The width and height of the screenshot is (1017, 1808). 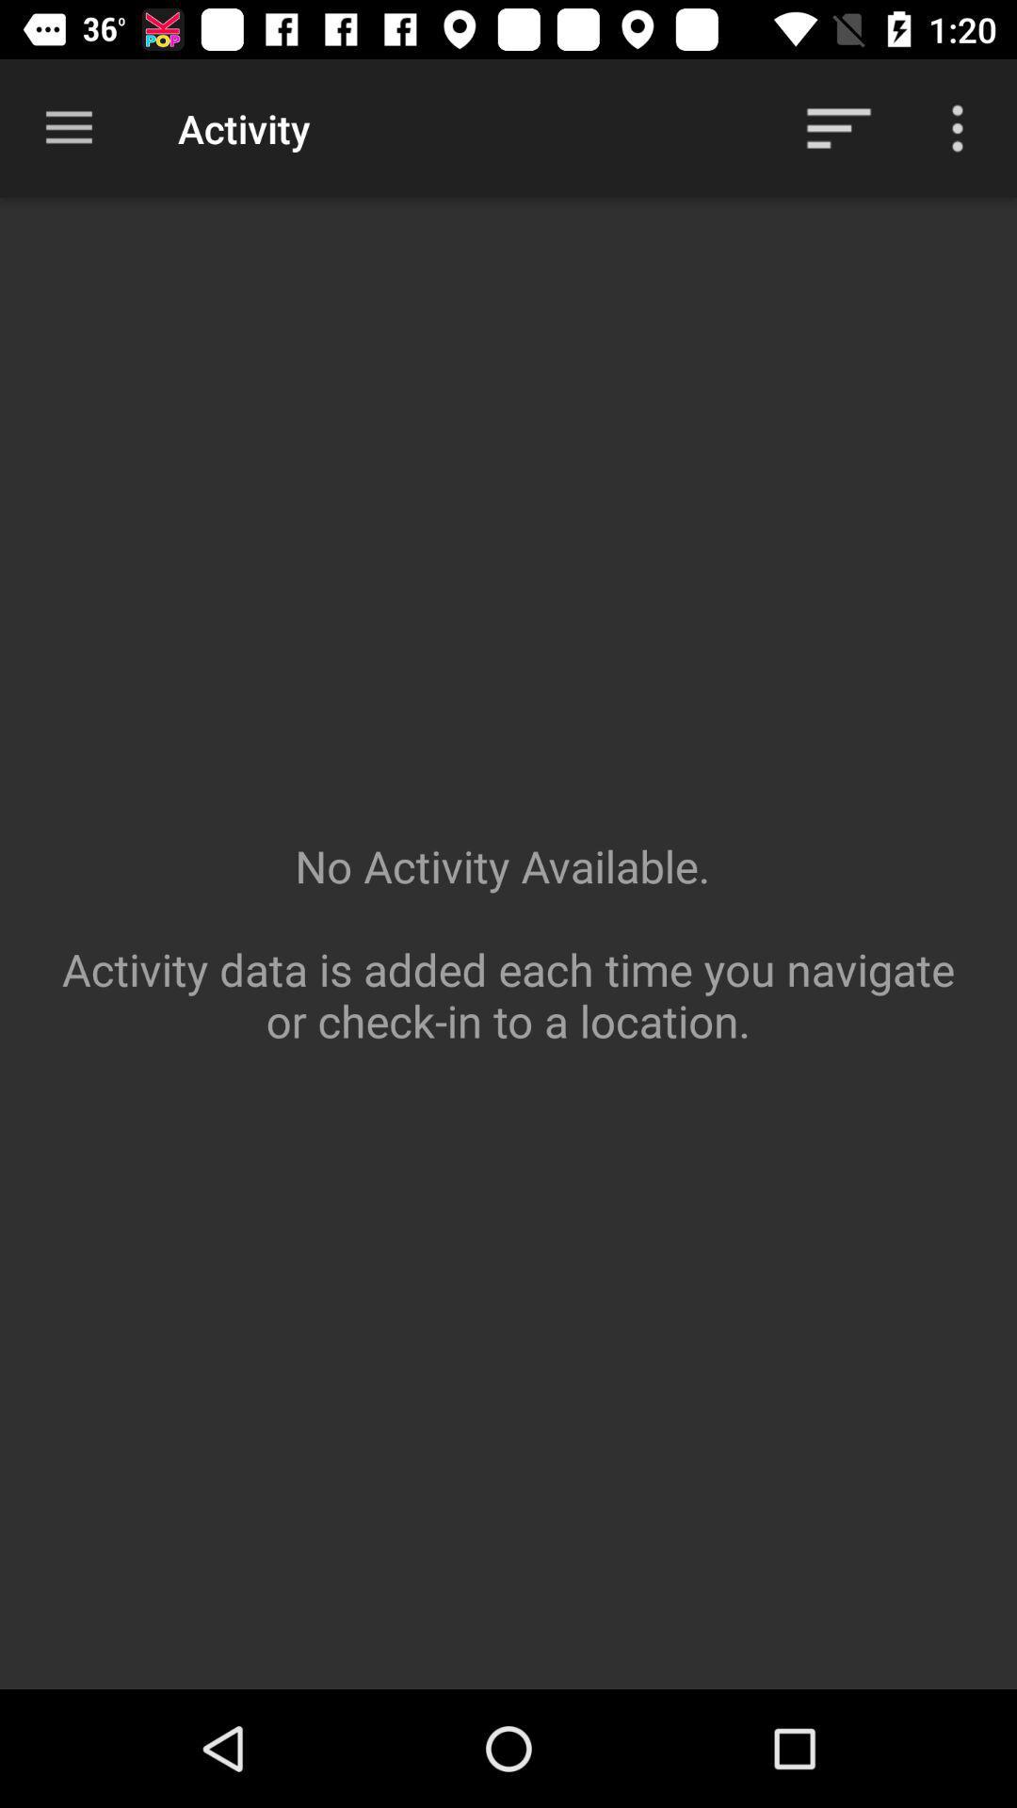 What do you see at coordinates (68, 127) in the screenshot?
I see `item to the left of the activity item` at bounding box center [68, 127].